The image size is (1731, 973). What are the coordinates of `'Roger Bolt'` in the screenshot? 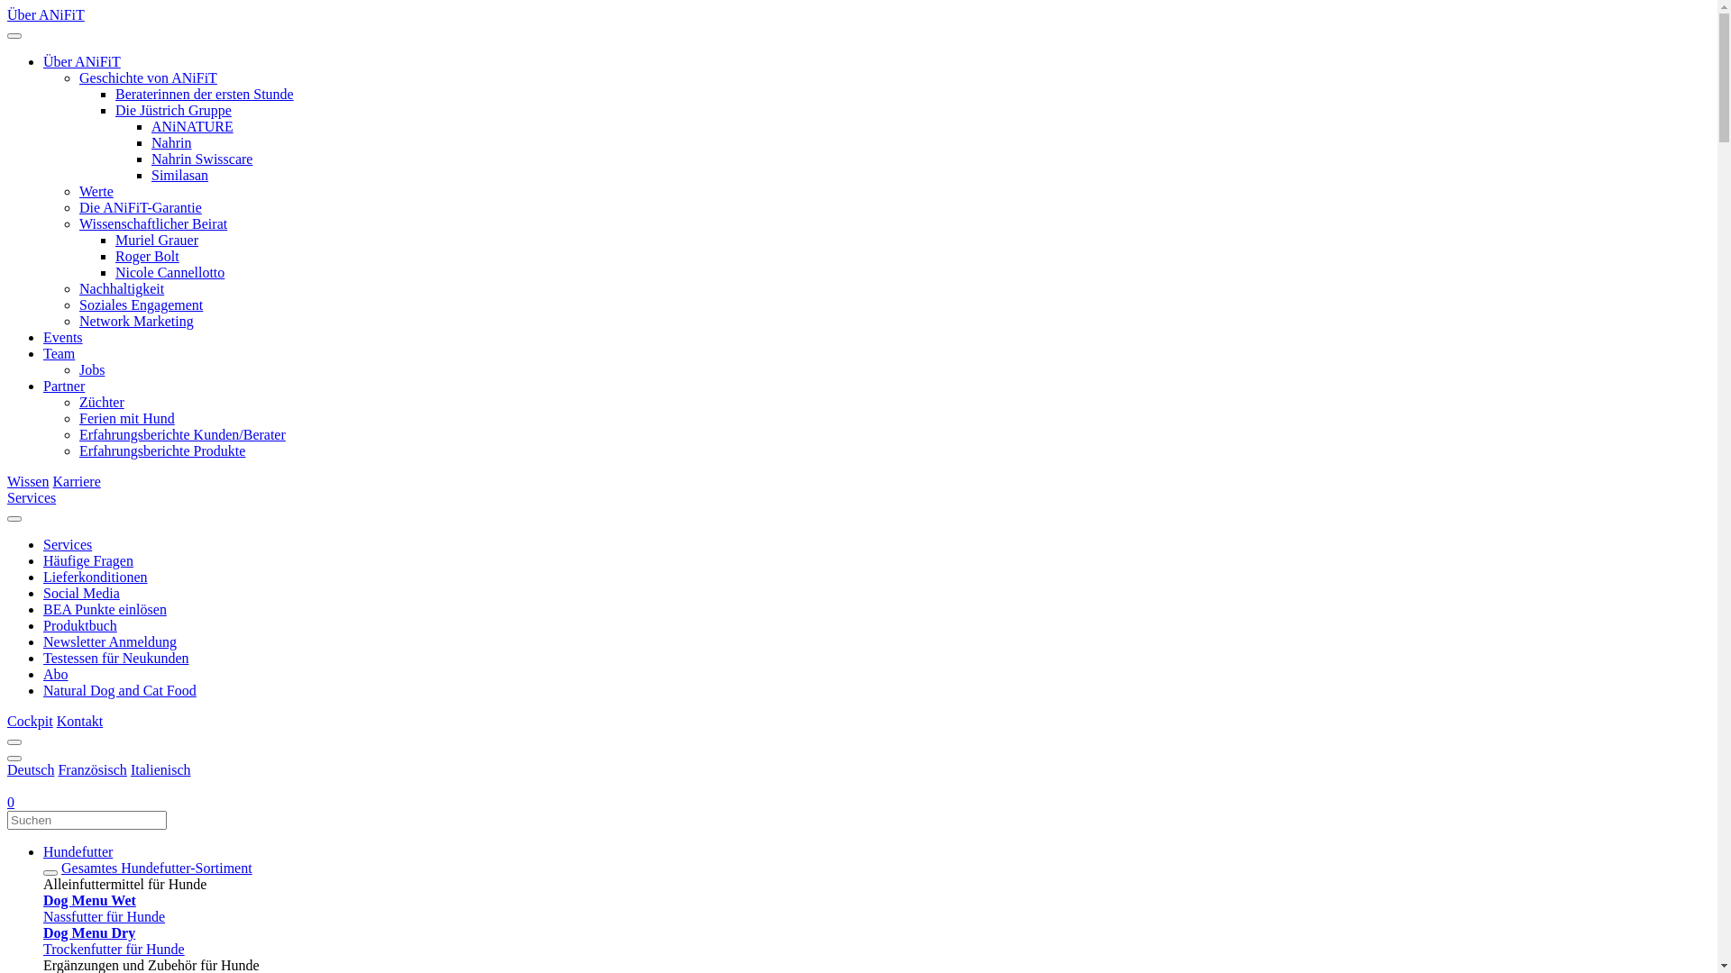 It's located at (147, 256).